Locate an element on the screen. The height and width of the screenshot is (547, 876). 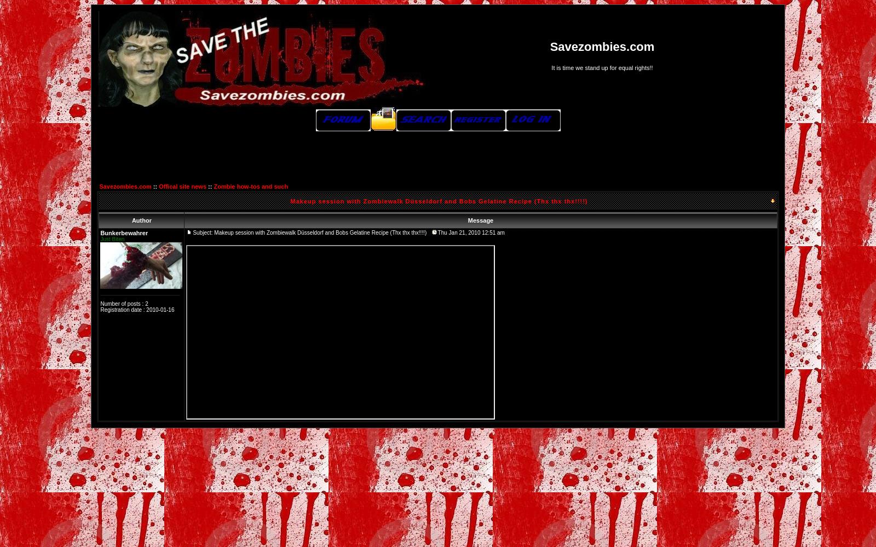
'Makeup session with Zombiewalk Düsseldorf and Bobs Gelatine Recipe (Thx thx thx!!!!)' is located at coordinates (437, 200).